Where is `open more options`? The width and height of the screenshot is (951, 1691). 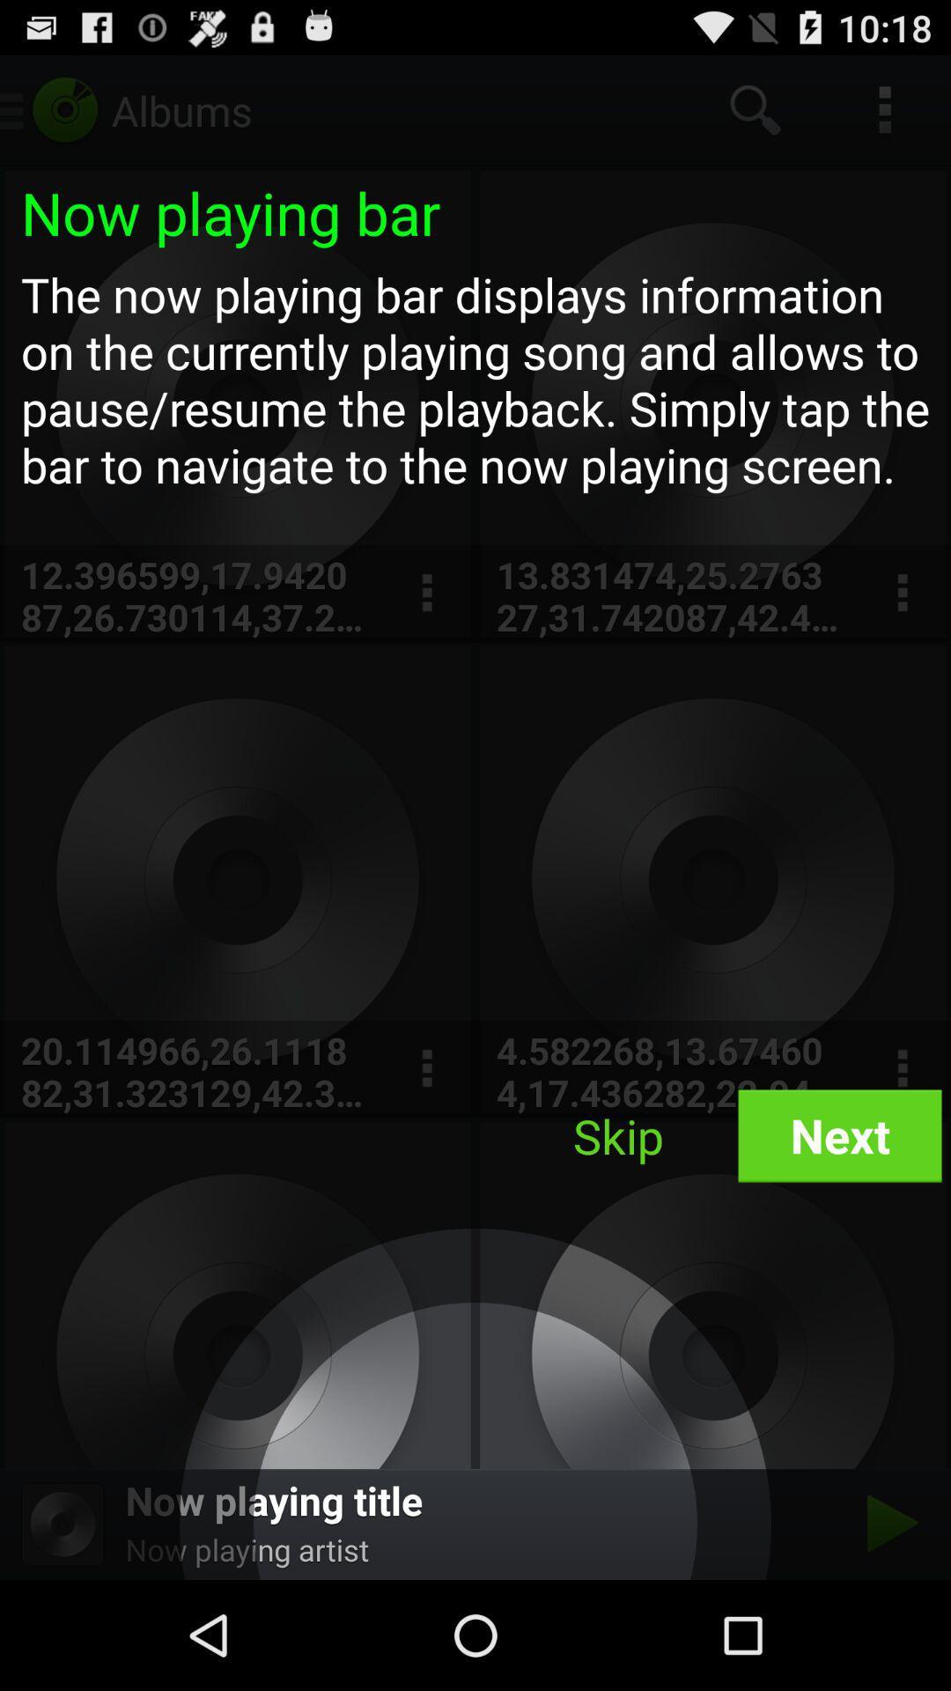
open more options is located at coordinates (426, 593).